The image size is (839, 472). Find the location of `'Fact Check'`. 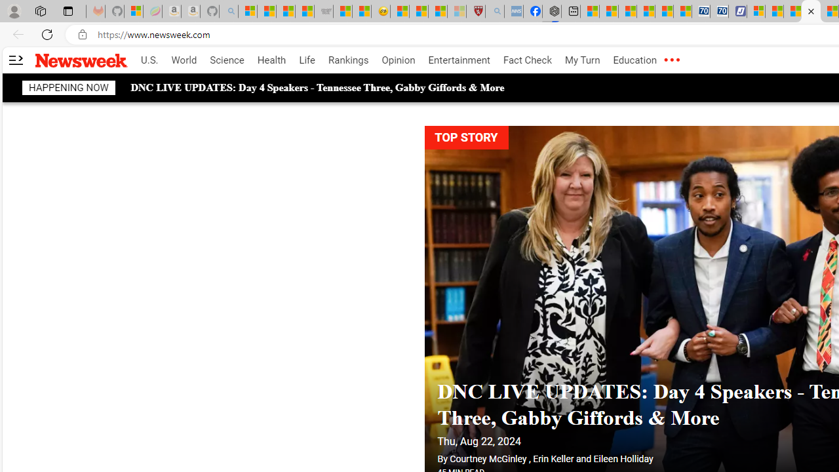

'Fact Check' is located at coordinates (527, 60).